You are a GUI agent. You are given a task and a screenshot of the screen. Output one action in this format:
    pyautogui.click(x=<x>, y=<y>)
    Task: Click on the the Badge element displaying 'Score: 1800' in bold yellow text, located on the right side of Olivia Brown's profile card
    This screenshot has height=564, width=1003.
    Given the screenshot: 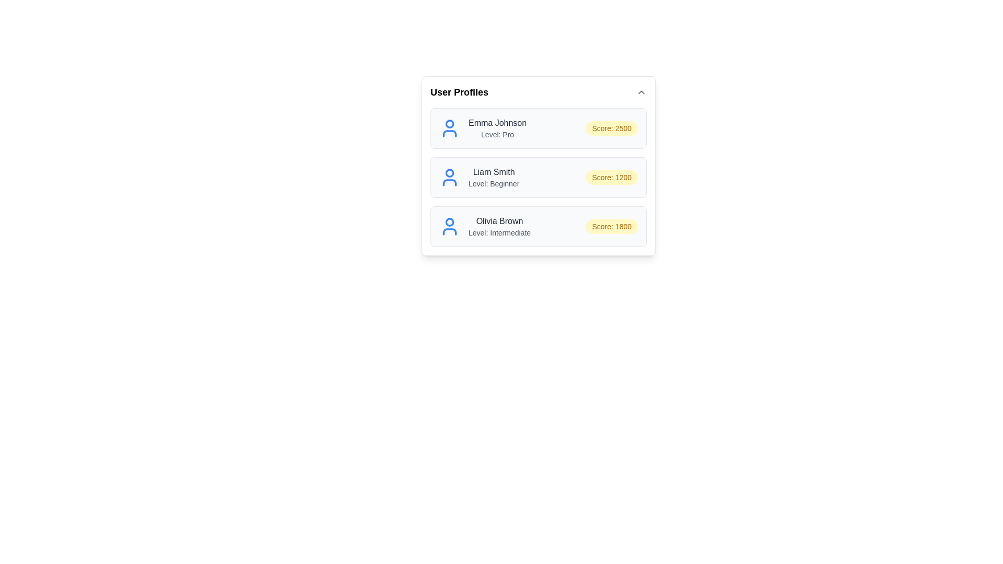 What is the action you would take?
    pyautogui.click(x=612, y=226)
    